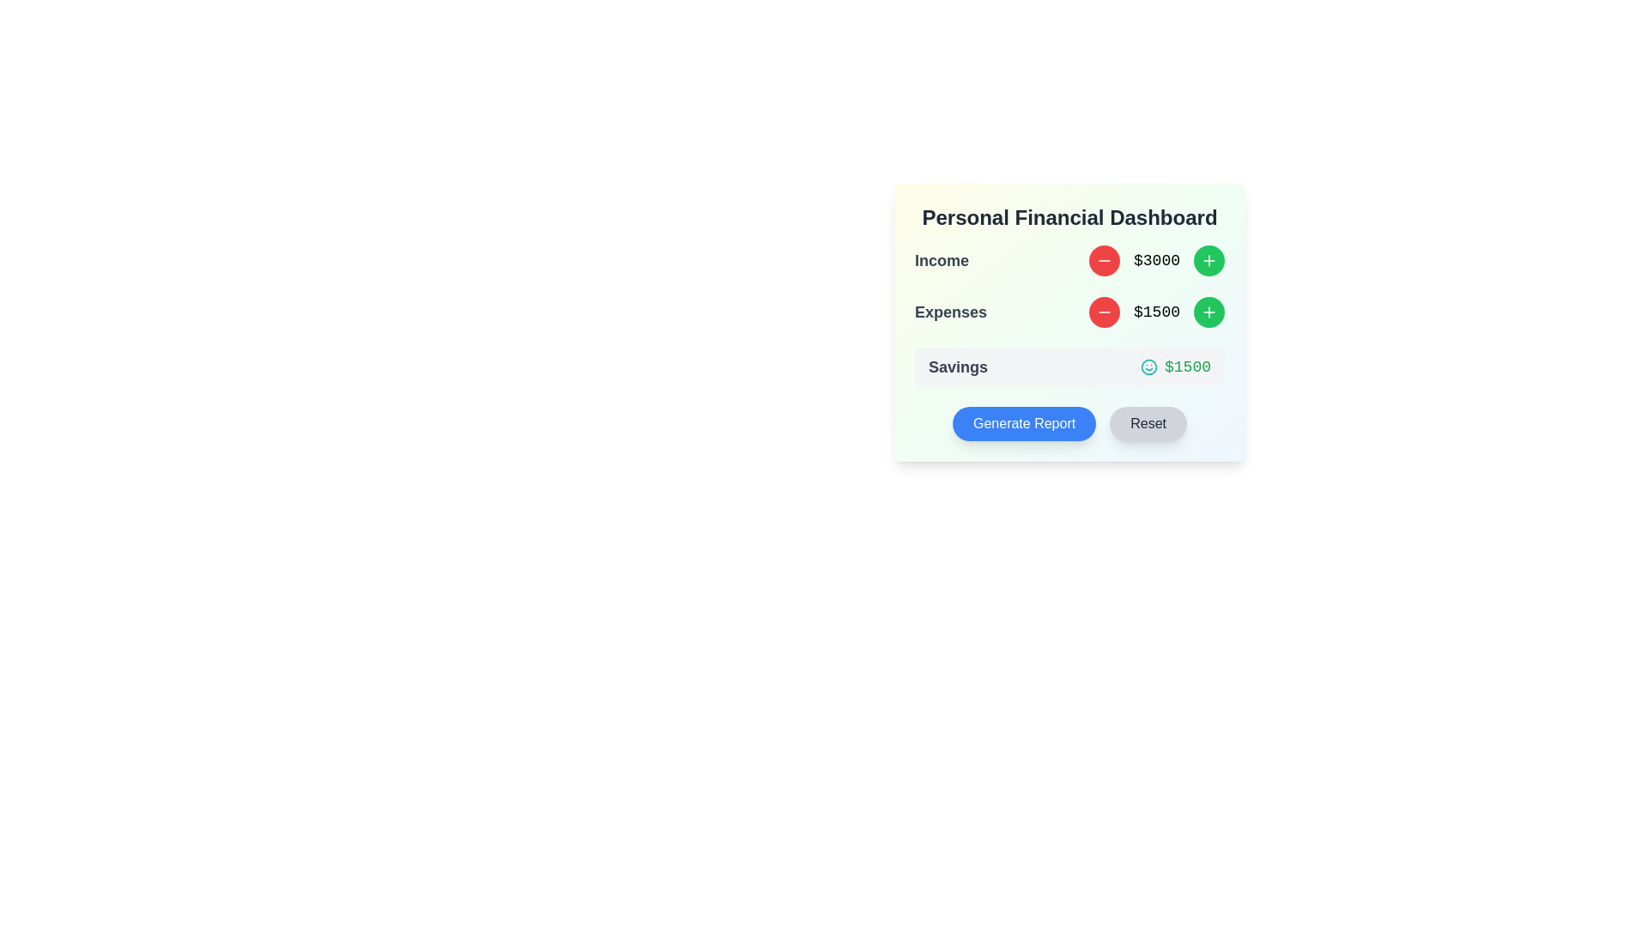  Describe the element at coordinates (1157, 312) in the screenshot. I see `numeric display value of '$1500' located between the red minus icon and the green plus icon` at that location.